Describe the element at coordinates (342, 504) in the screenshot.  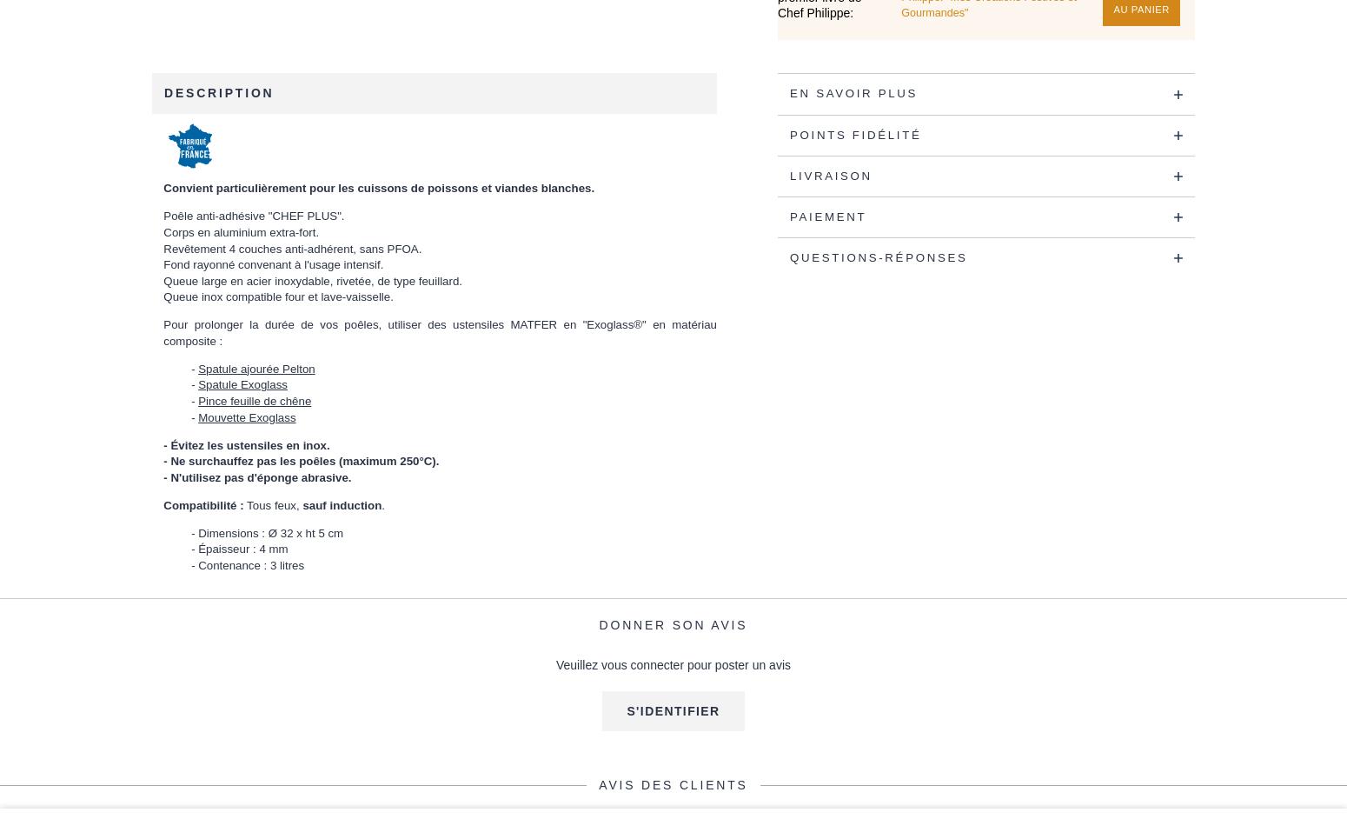
I see `'sauf induction'` at that location.